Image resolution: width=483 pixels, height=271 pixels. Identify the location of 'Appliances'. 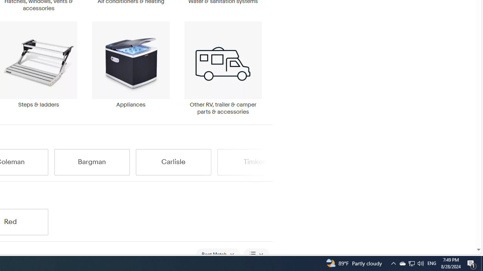
(131, 68).